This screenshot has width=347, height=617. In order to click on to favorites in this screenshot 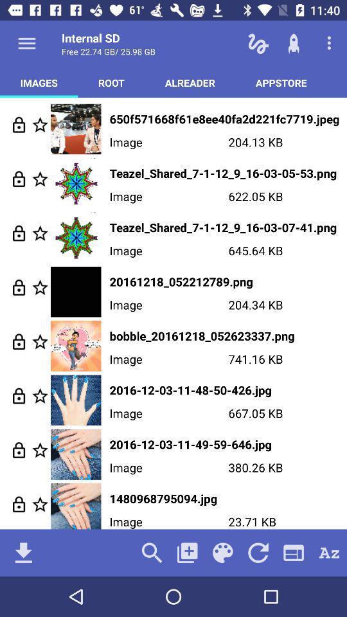, I will do `click(40, 125)`.